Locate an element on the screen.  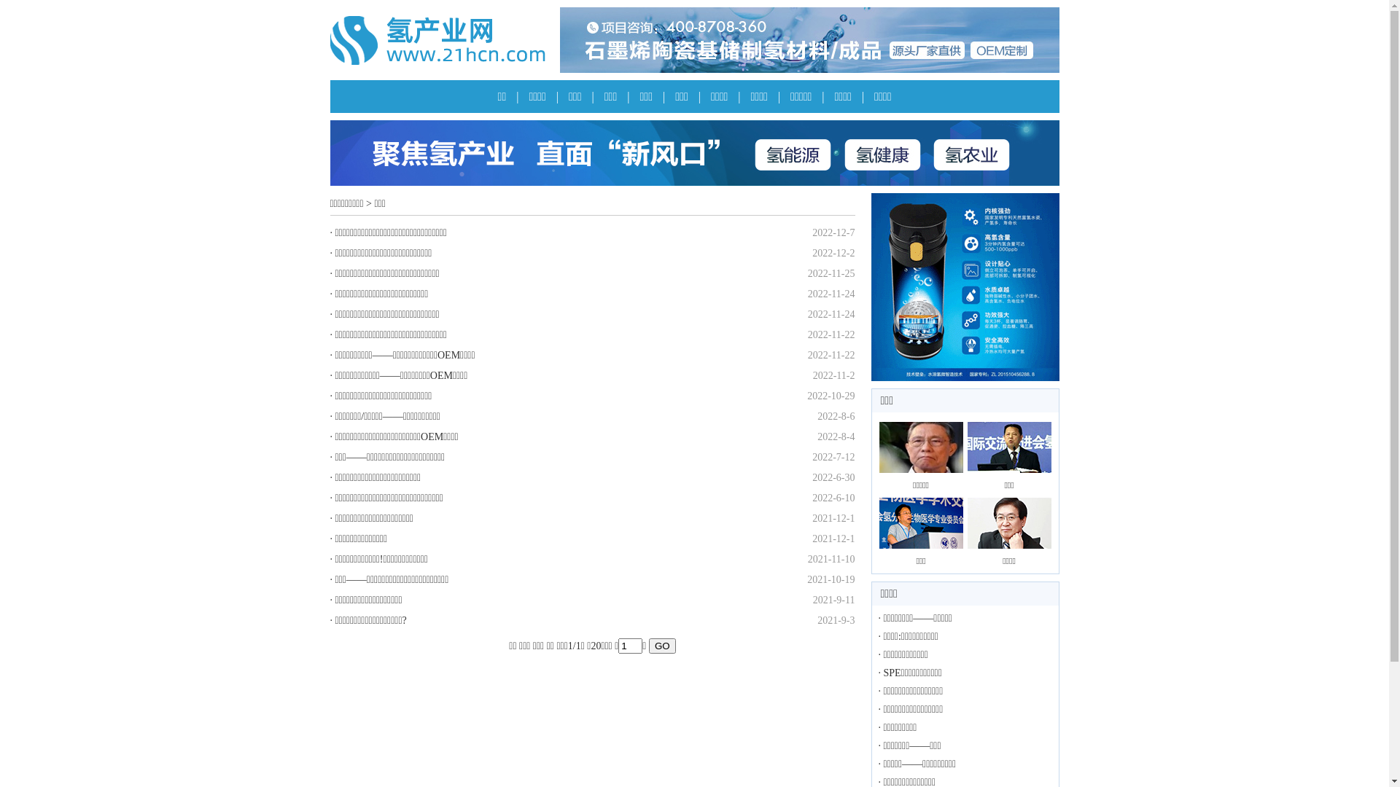
'GO' is located at coordinates (661, 645).